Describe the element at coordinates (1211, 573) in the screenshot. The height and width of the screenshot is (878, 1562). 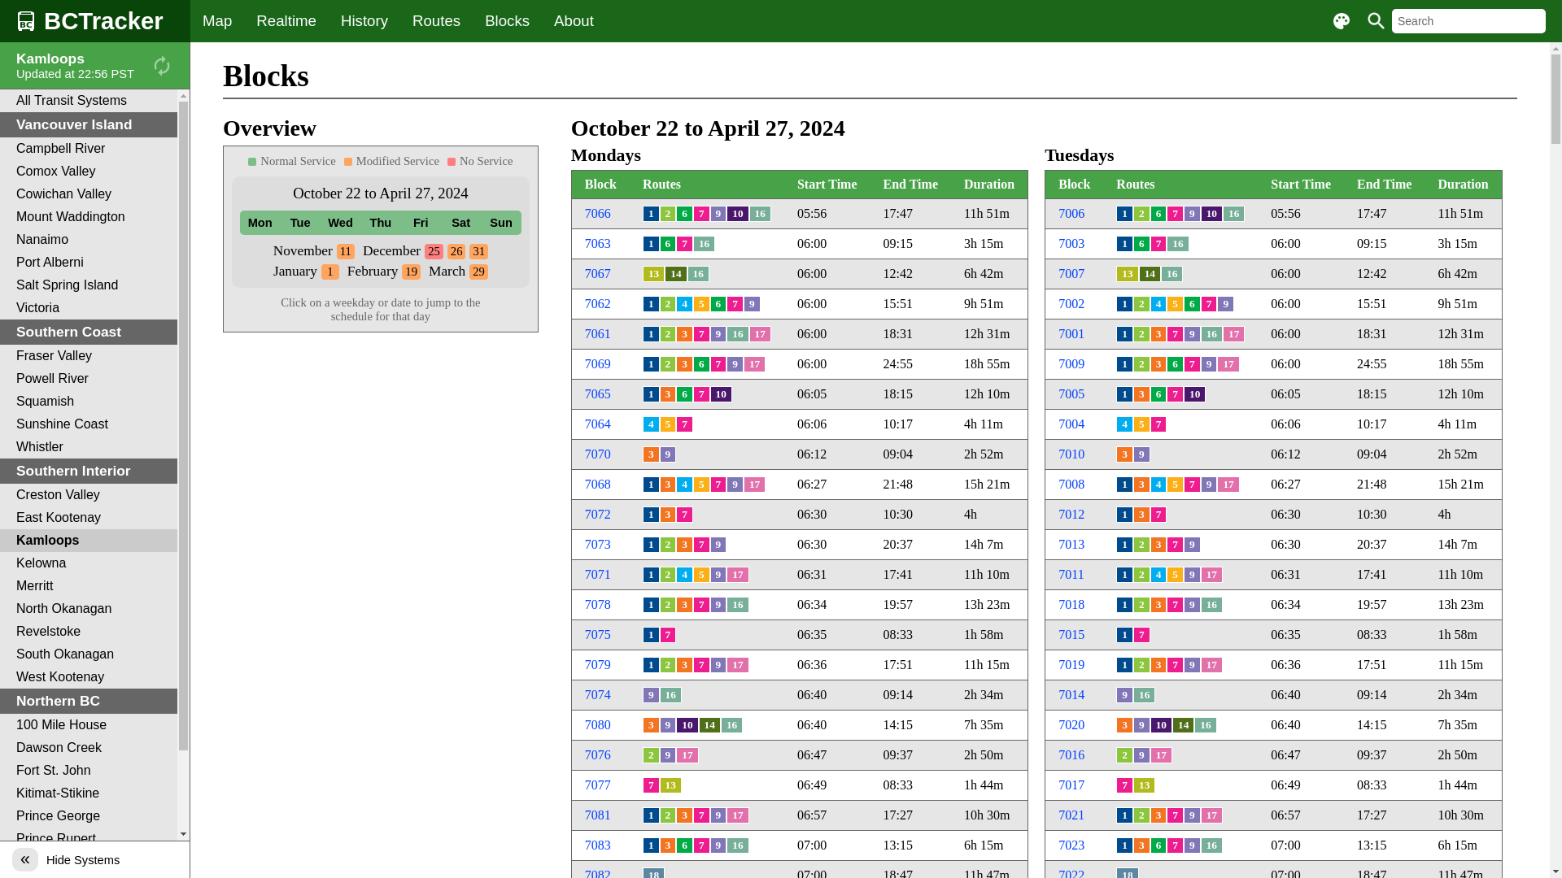
I see `'17'` at that location.